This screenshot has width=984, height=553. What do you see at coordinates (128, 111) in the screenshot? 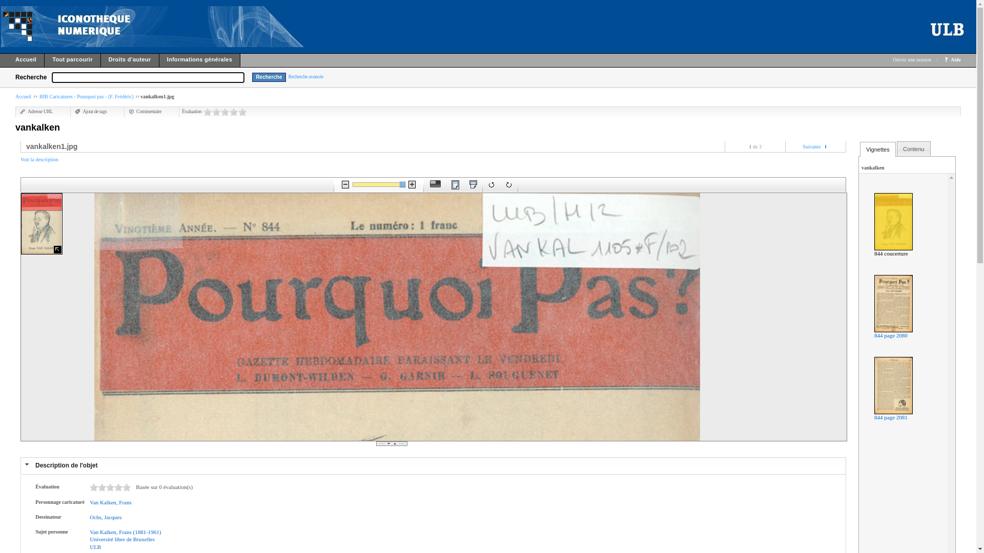
I see `'Commentaire'` at bounding box center [128, 111].